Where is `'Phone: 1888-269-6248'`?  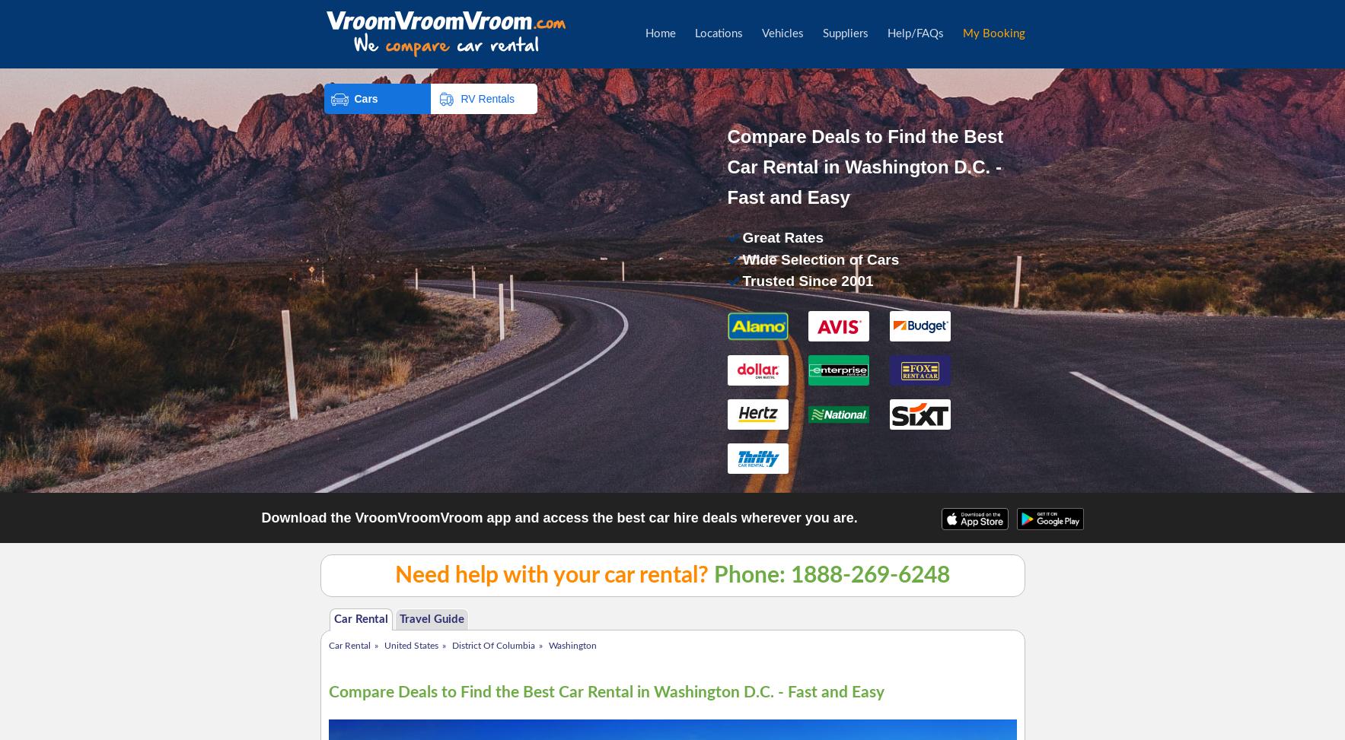 'Phone: 1888-269-6248' is located at coordinates (829, 575).